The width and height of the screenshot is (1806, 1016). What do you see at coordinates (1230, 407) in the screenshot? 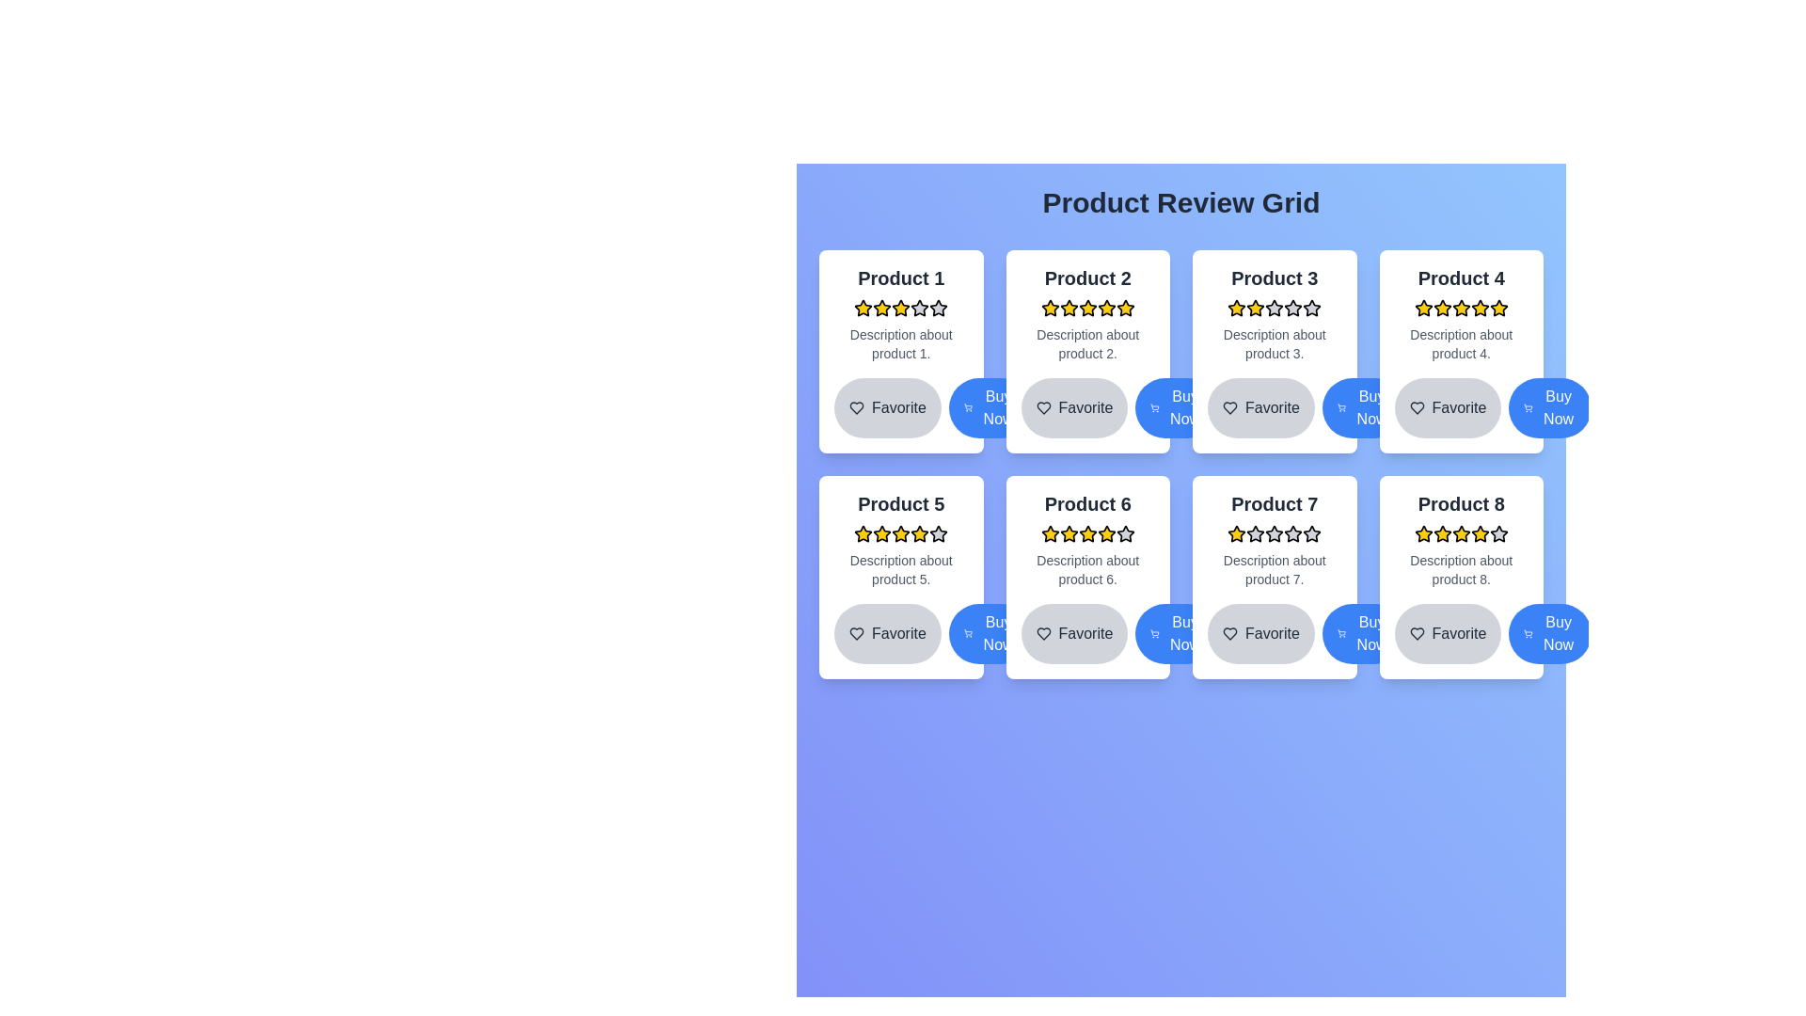
I see `the heart icon with a minimalist outline design located under the product description section of the third item in the product review grid to mark or unmark the product as favorite` at bounding box center [1230, 407].